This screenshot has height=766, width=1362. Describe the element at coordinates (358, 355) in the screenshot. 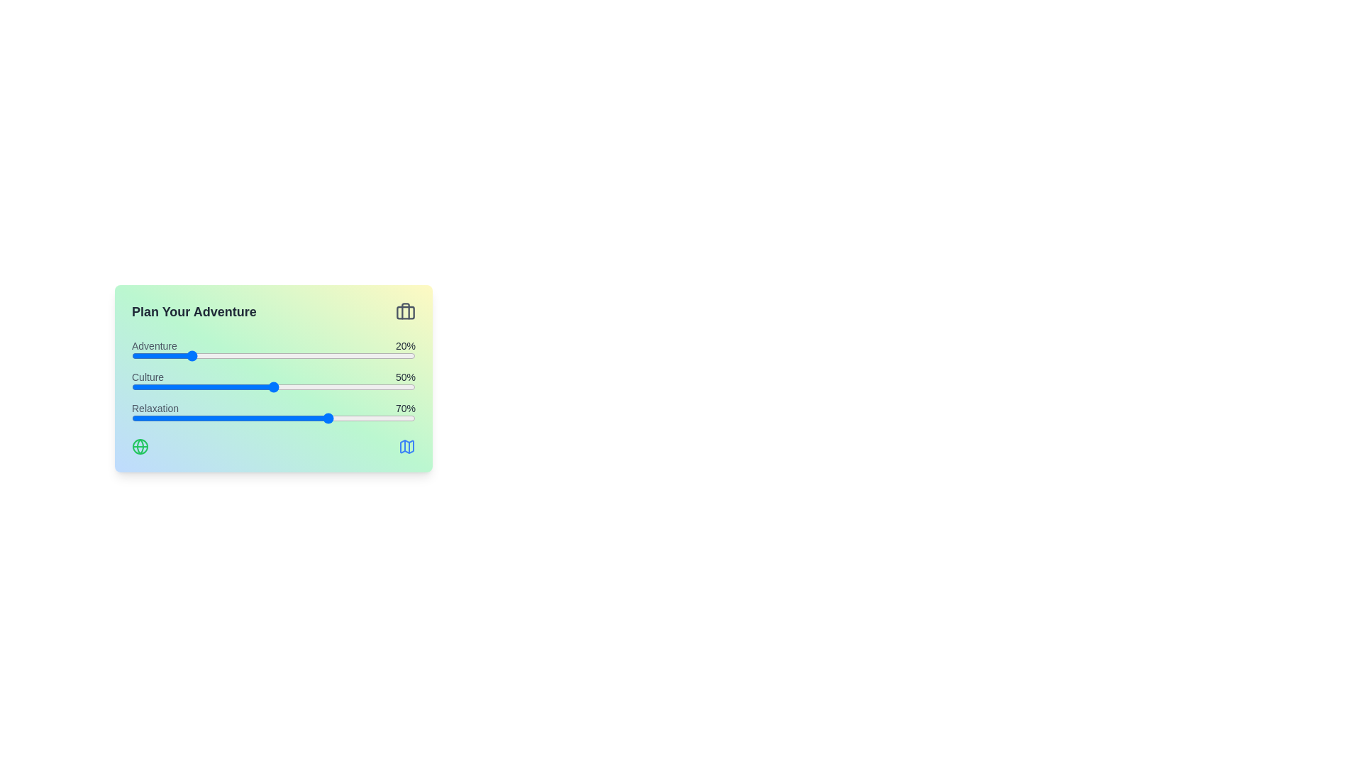

I see `the 'Adventure' slider to 80%` at that location.